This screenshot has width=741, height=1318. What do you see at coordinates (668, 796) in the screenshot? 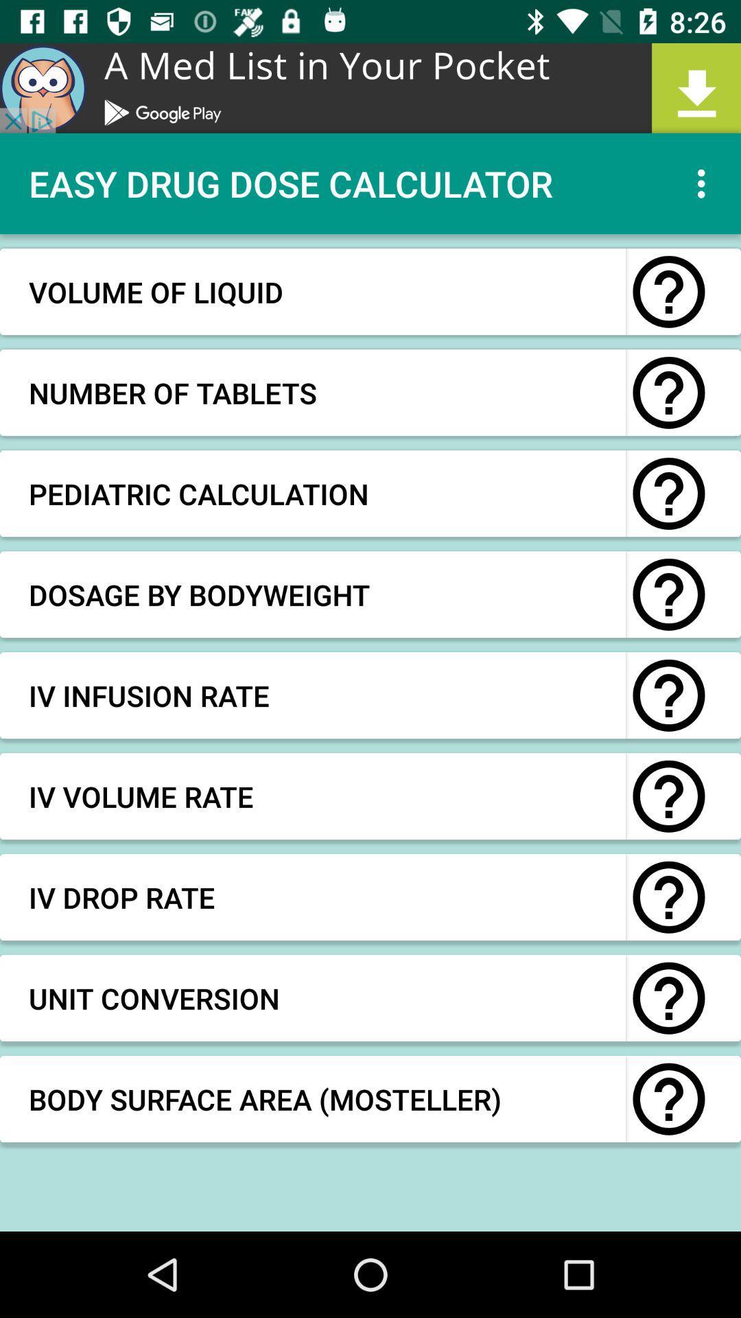
I see `help option` at bounding box center [668, 796].